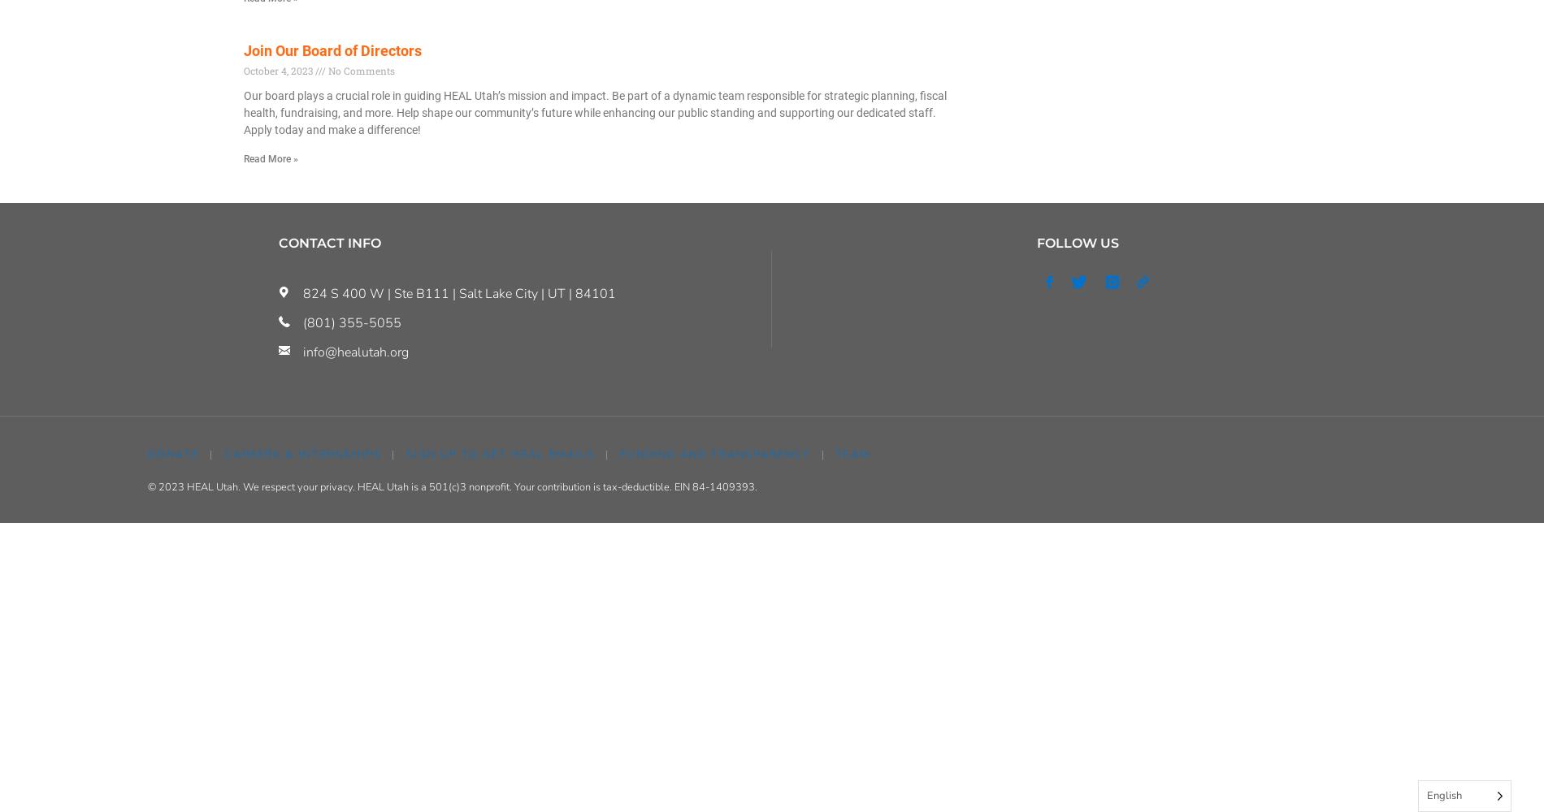 This screenshot has width=1544, height=812. What do you see at coordinates (350, 322) in the screenshot?
I see `'(801) 355-5055'` at bounding box center [350, 322].